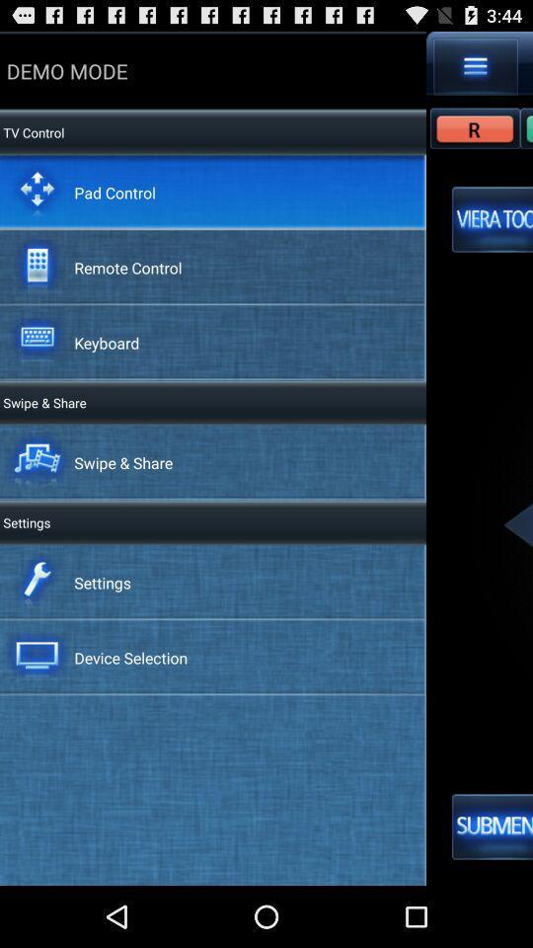  Describe the element at coordinates (475, 66) in the screenshot. I see `click here for menu options` at that location.